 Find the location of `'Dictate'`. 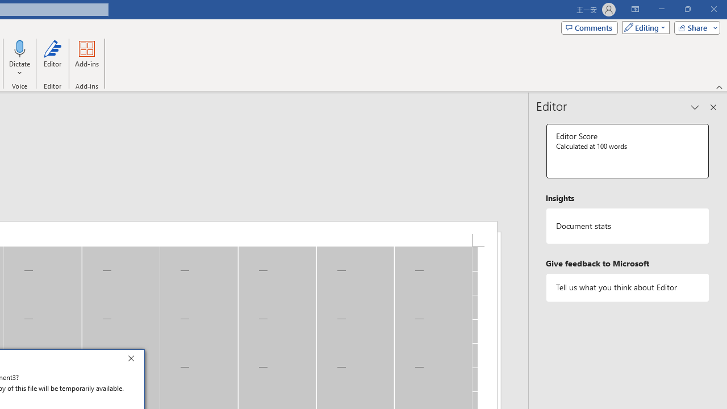

'Dictate' is located at coordinates (20, 48).